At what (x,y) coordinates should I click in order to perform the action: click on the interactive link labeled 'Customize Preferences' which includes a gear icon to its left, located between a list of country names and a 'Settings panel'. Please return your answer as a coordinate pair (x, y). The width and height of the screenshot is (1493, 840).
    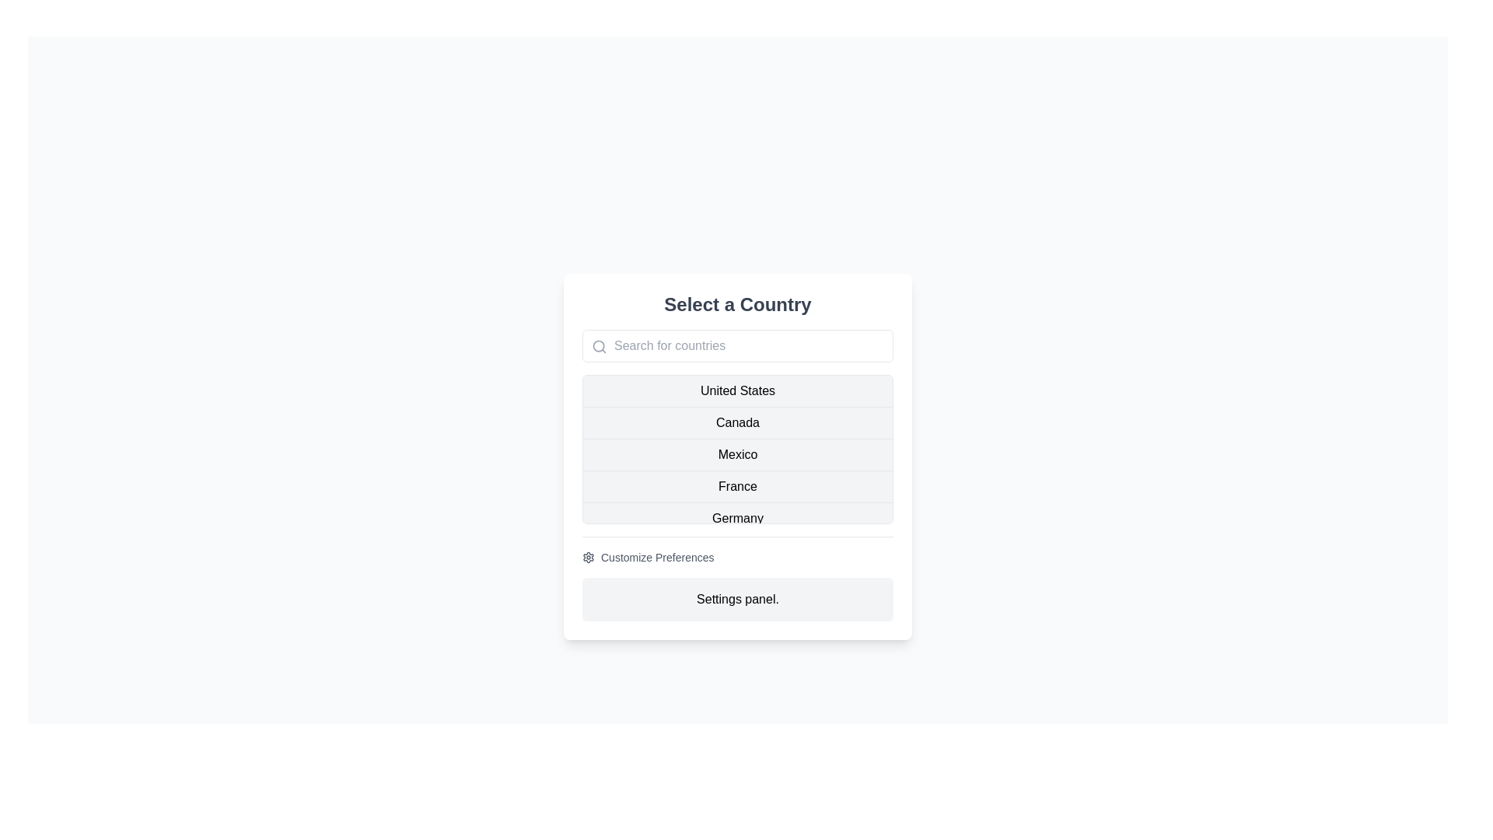
    Looking at the image, I should click on (648, 556).